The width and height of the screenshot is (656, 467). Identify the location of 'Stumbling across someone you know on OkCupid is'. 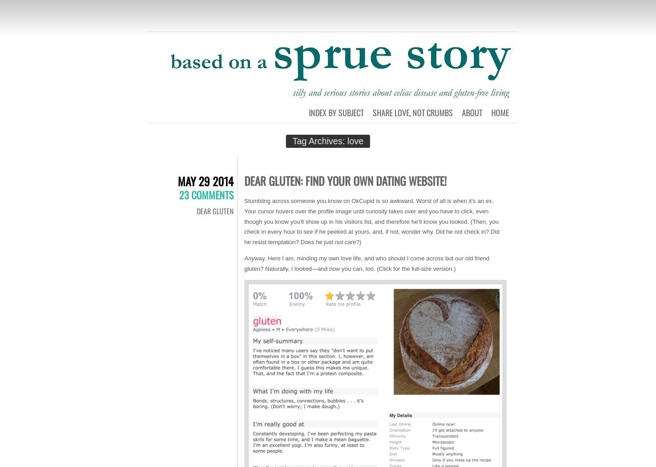
(312, 201).